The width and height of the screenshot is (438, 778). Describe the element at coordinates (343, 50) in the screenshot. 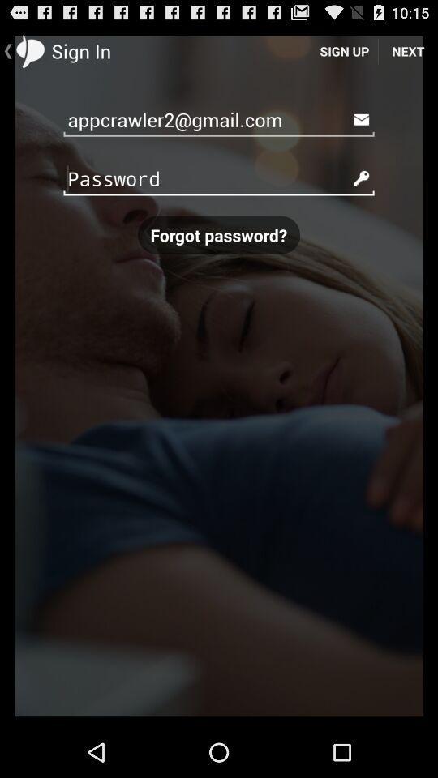

I see `item next to sign in` at that location.